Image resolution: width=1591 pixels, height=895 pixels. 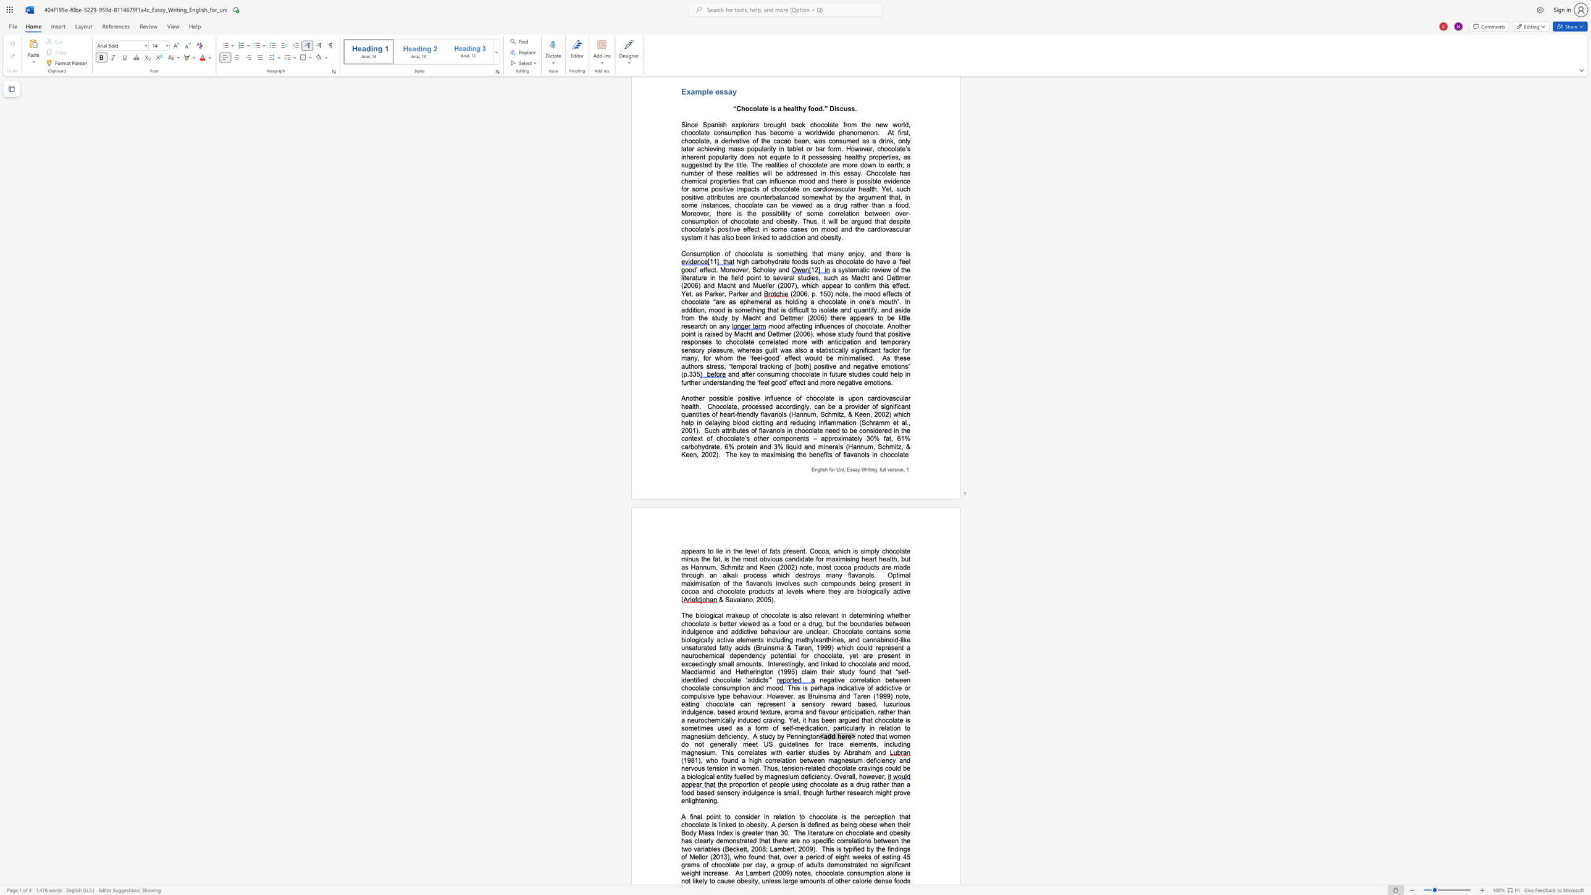 I want to click on the subset text "e a" within the text "large amounts", so click(x=793, y=881).